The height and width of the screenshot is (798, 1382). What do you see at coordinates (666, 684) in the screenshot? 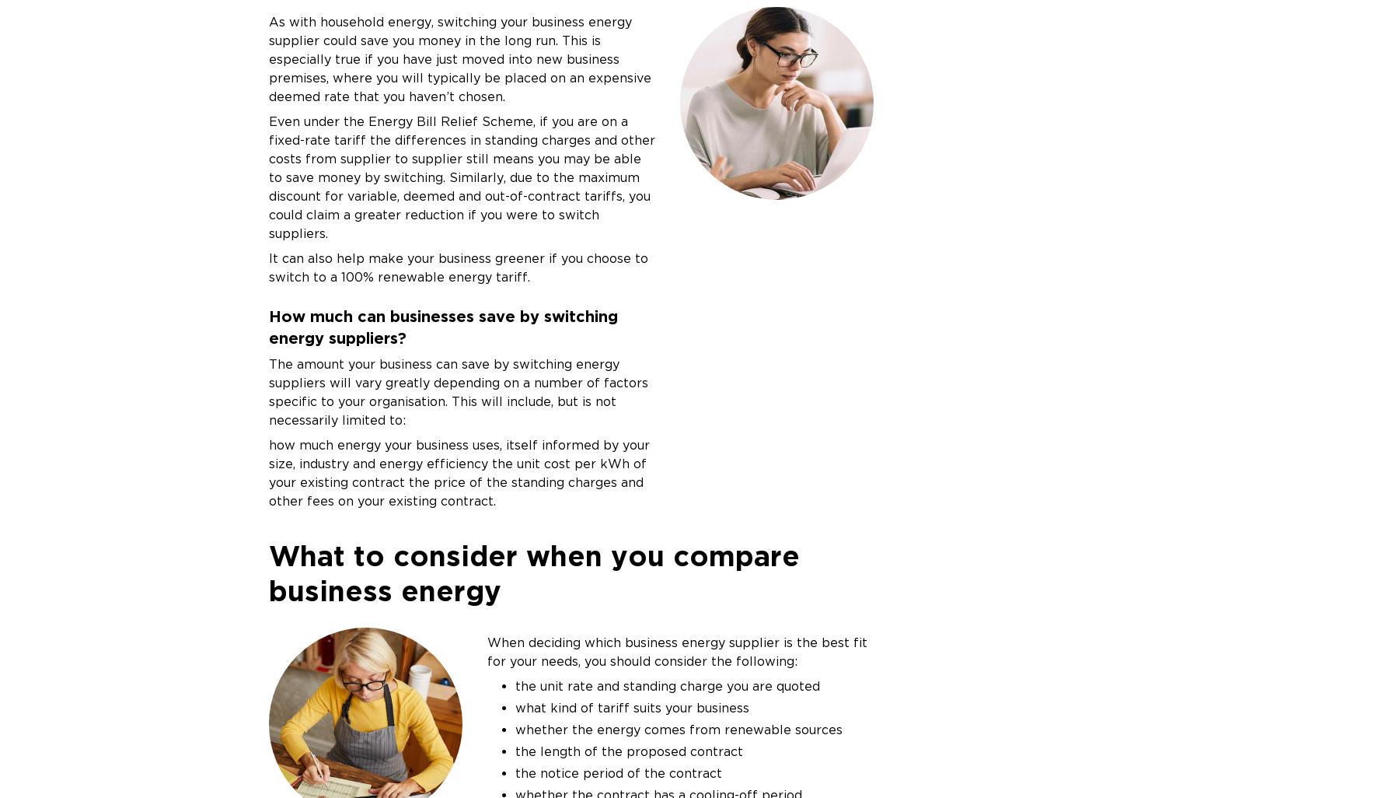
I see `'the unit rate and standing charge you are quoted'` at bounding box center [666, 684].